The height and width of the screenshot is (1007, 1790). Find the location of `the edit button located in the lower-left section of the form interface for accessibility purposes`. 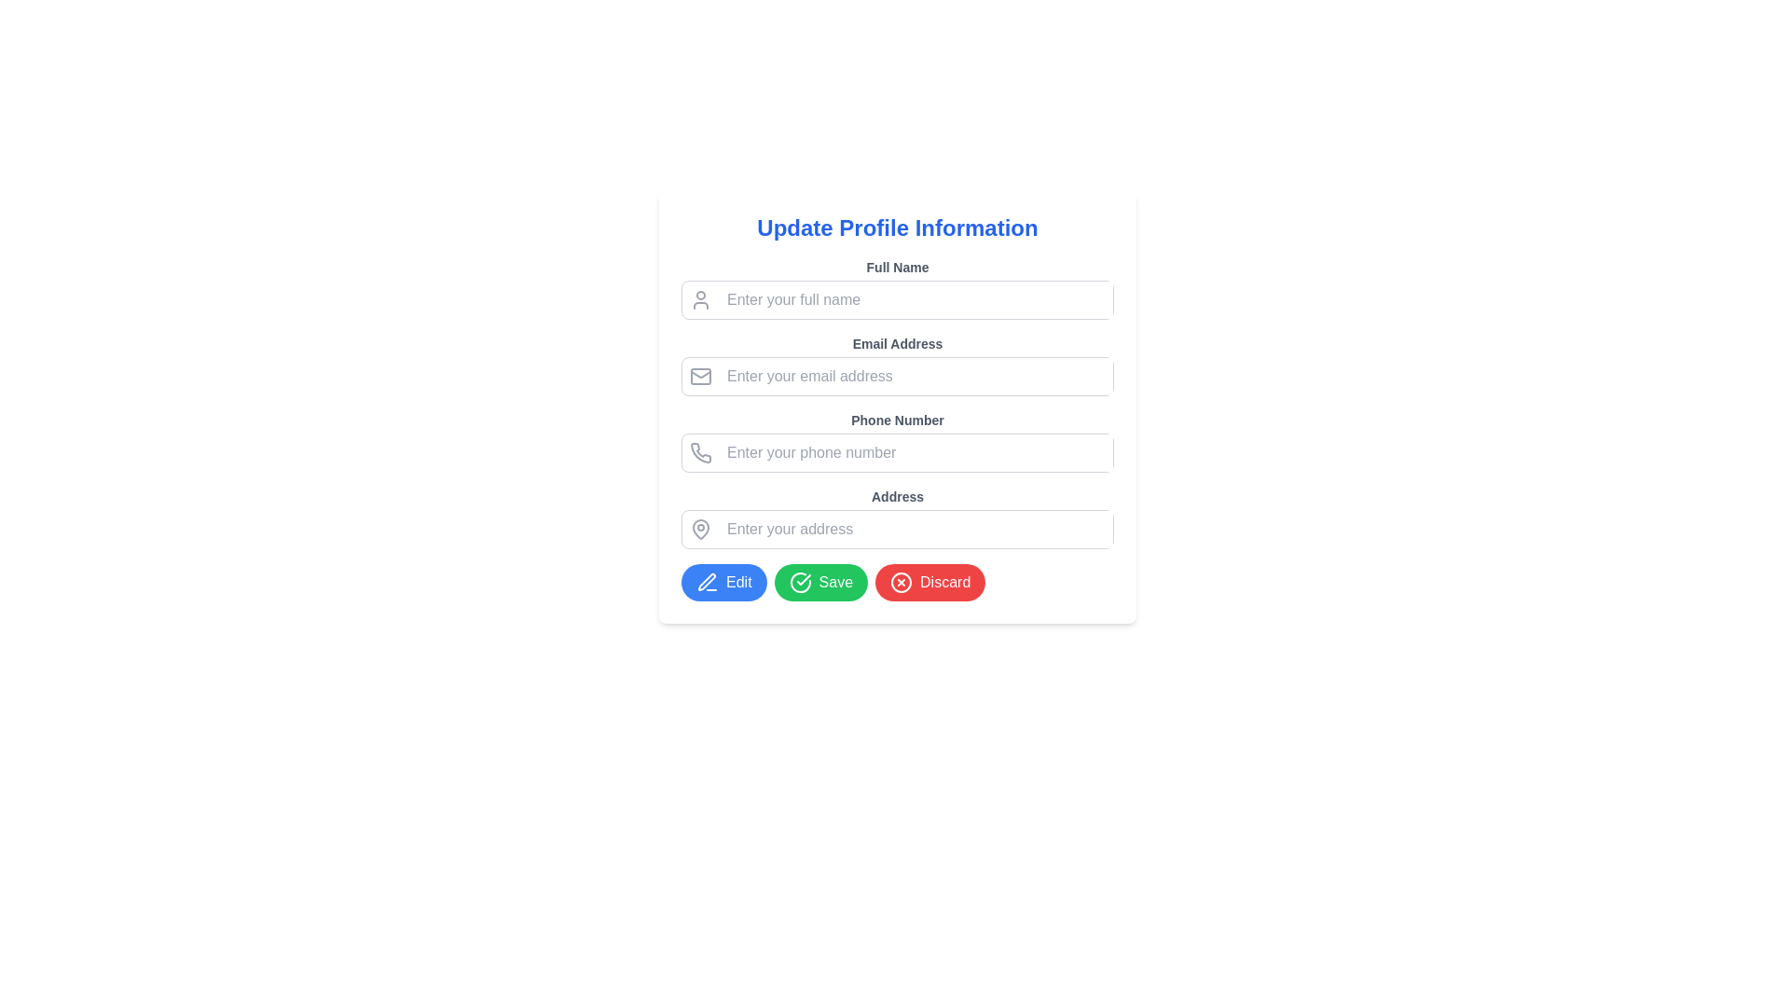

the edit button located in the lower-left section of the form interface for accessibility purposes is located at coordinates (723, 581).